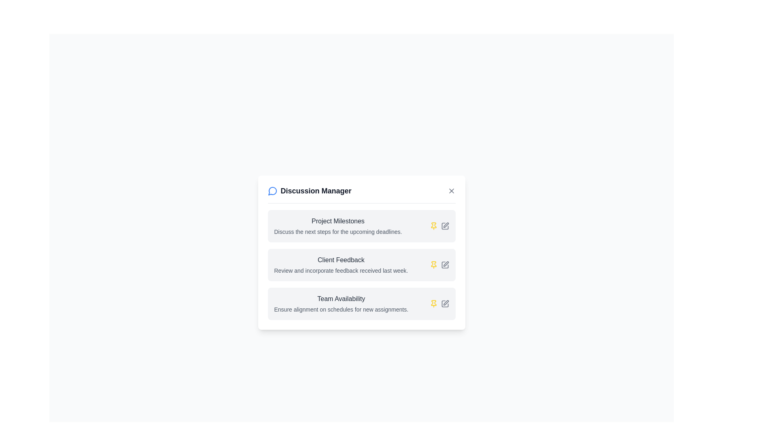 This screenshot has width=777, height=437. What do you see at coordinates (451, 191) in the screenshot?
I see `the 'X' icon close button located at the top right corner of the 'Discussion Manager' box to change its color` at bounding box center [451, 191].